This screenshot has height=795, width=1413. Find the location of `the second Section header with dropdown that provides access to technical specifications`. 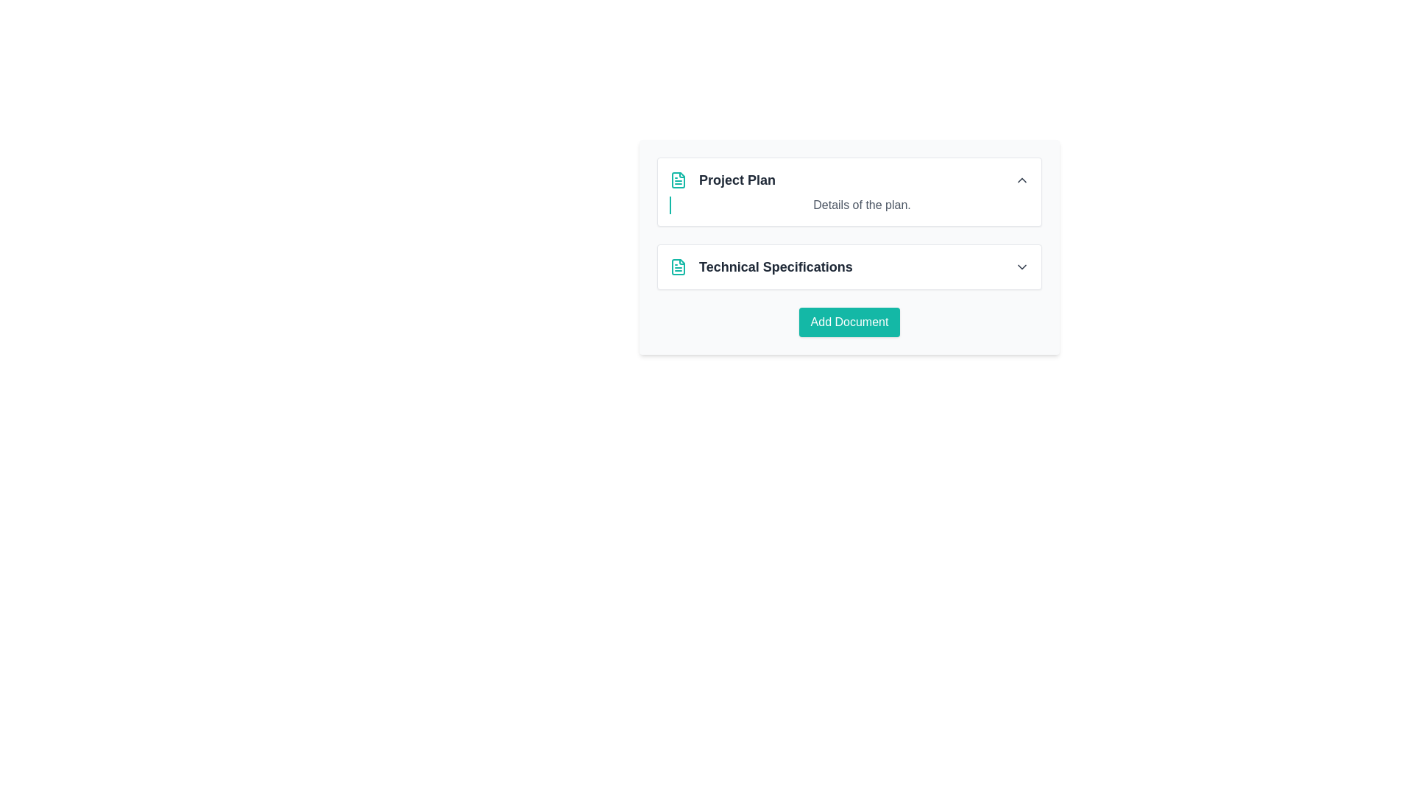

the second Section header with dropdown that provides access to technical specifications is located at coordinates (849, 266).